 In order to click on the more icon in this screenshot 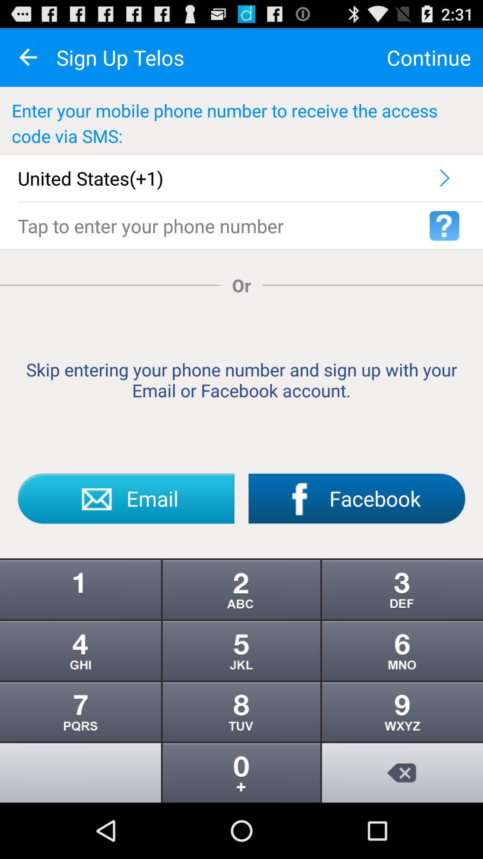, I will do `click(402, 630)`.